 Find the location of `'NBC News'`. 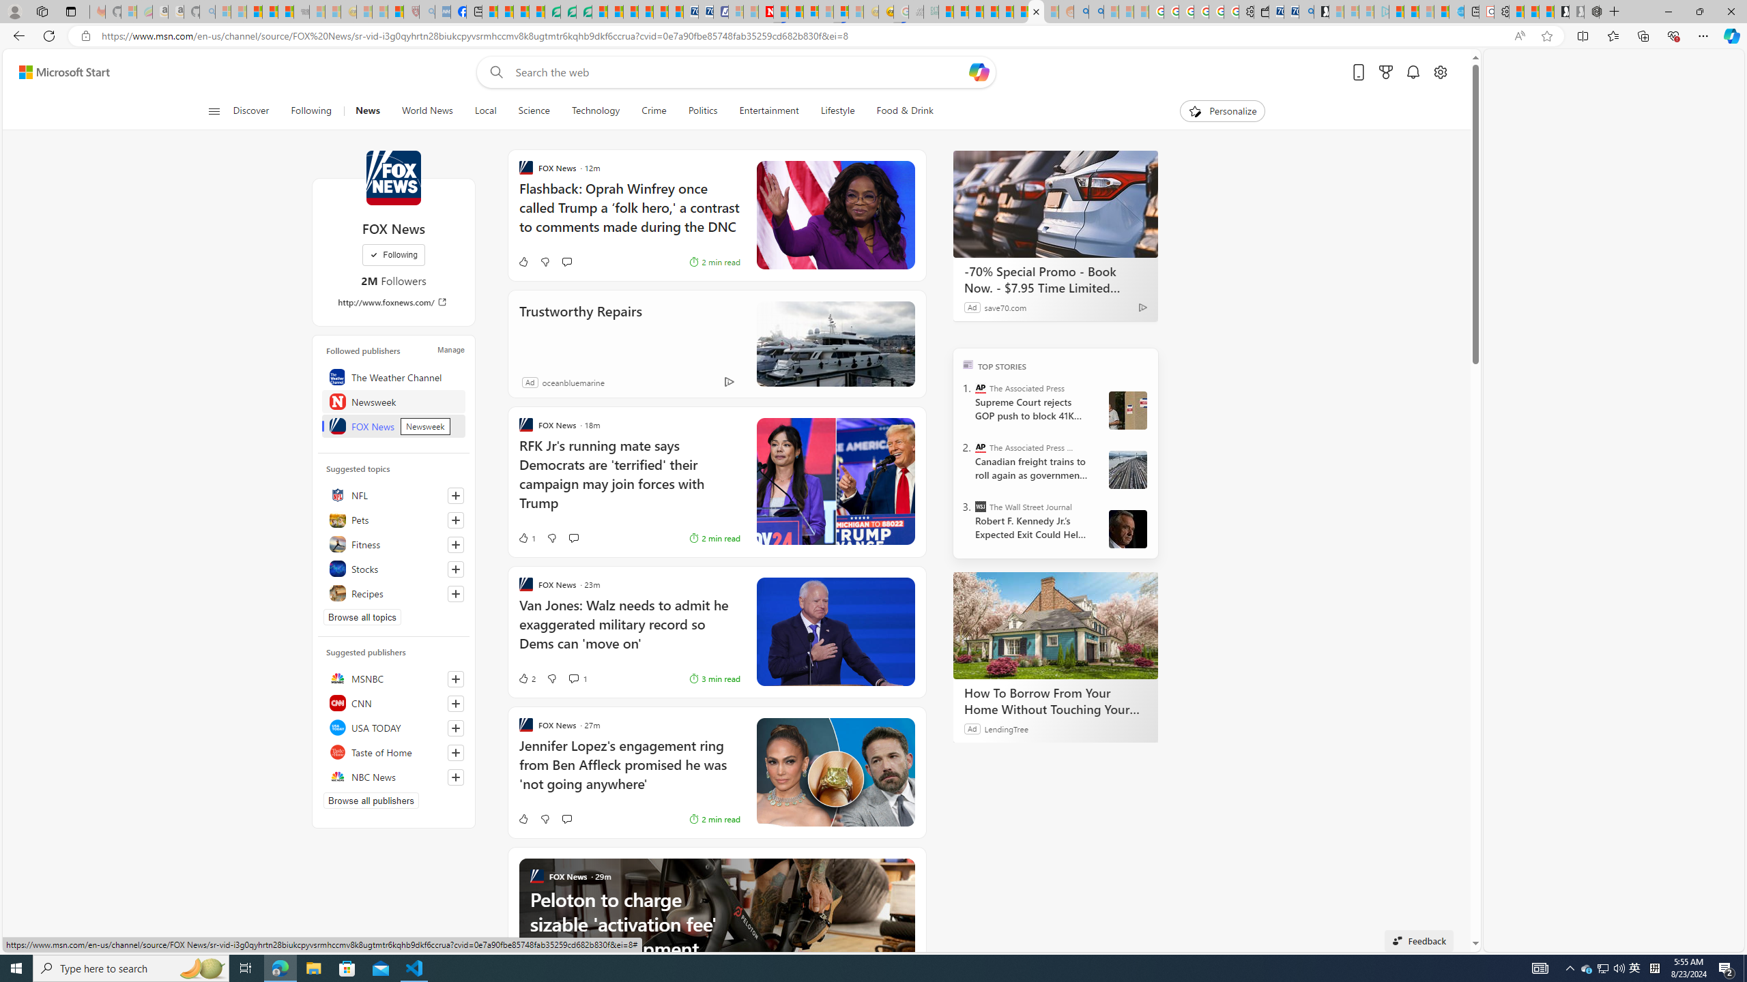

'NBC News' is located at coordinates (392, 776).